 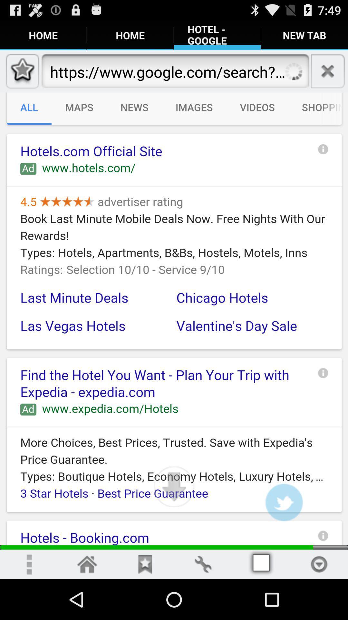 I want to click on the more icon, so click(x=28, y=604).